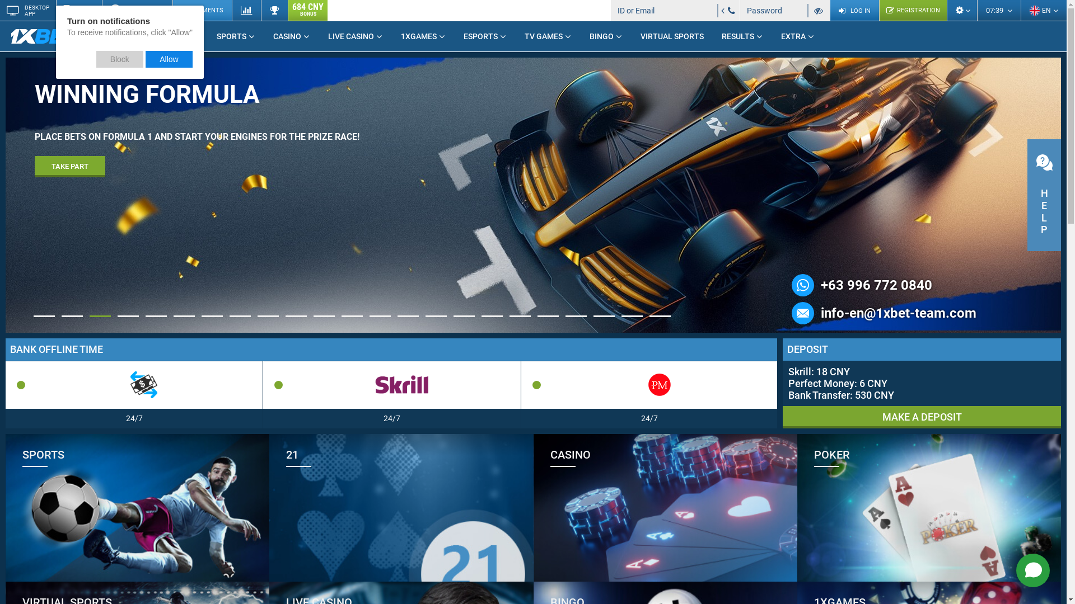 The image size is (1075, 604). Describe the element at coordinates (913, 10) in the screenshot. I see `'REGISTRATION'` at that location.